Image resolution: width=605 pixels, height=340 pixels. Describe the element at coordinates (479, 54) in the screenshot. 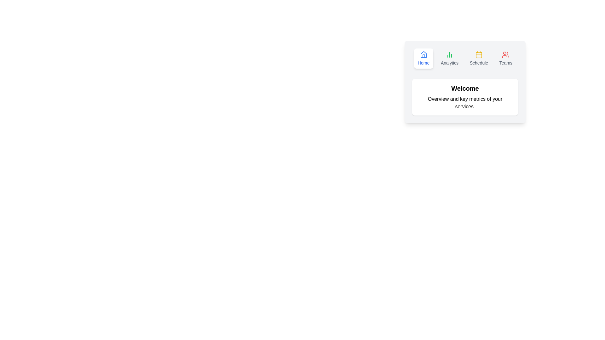

I see `the navigation icon for viewing or managing schedules located under the 'Schedule' text label` at that location.